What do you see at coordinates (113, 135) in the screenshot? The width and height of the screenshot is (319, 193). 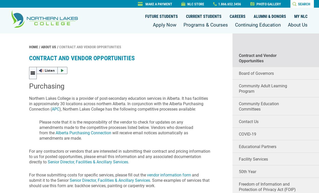 I see `'will receive email notices automatically as amendments are made.'` at bounding box center [113, 135].